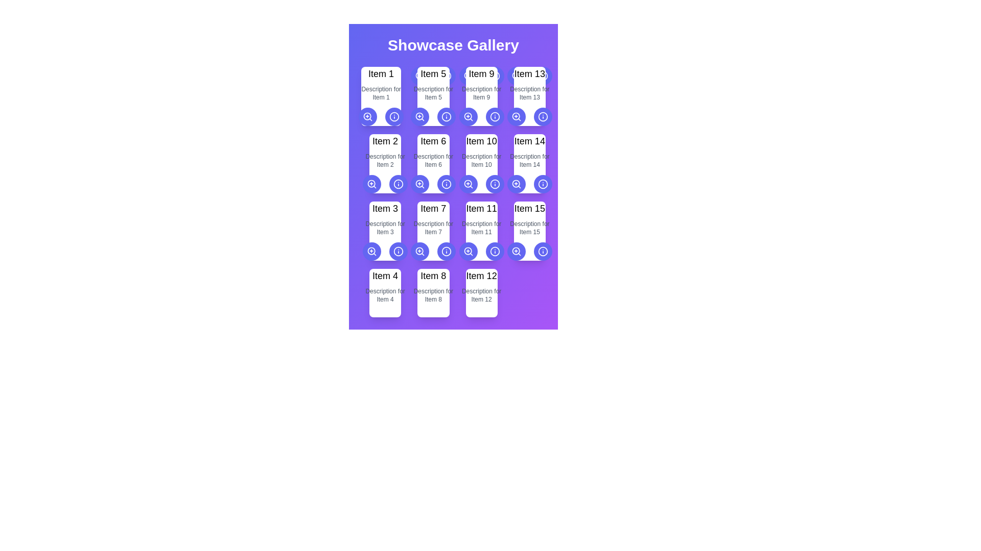 The width and height of the screenshot is (981, 551). What do you see at coordinates (433, 293) in the screenshot?
I see `the display card showcasing an item, located in the fourth row and second column of the grid layout` at bounding box center [433, 293].